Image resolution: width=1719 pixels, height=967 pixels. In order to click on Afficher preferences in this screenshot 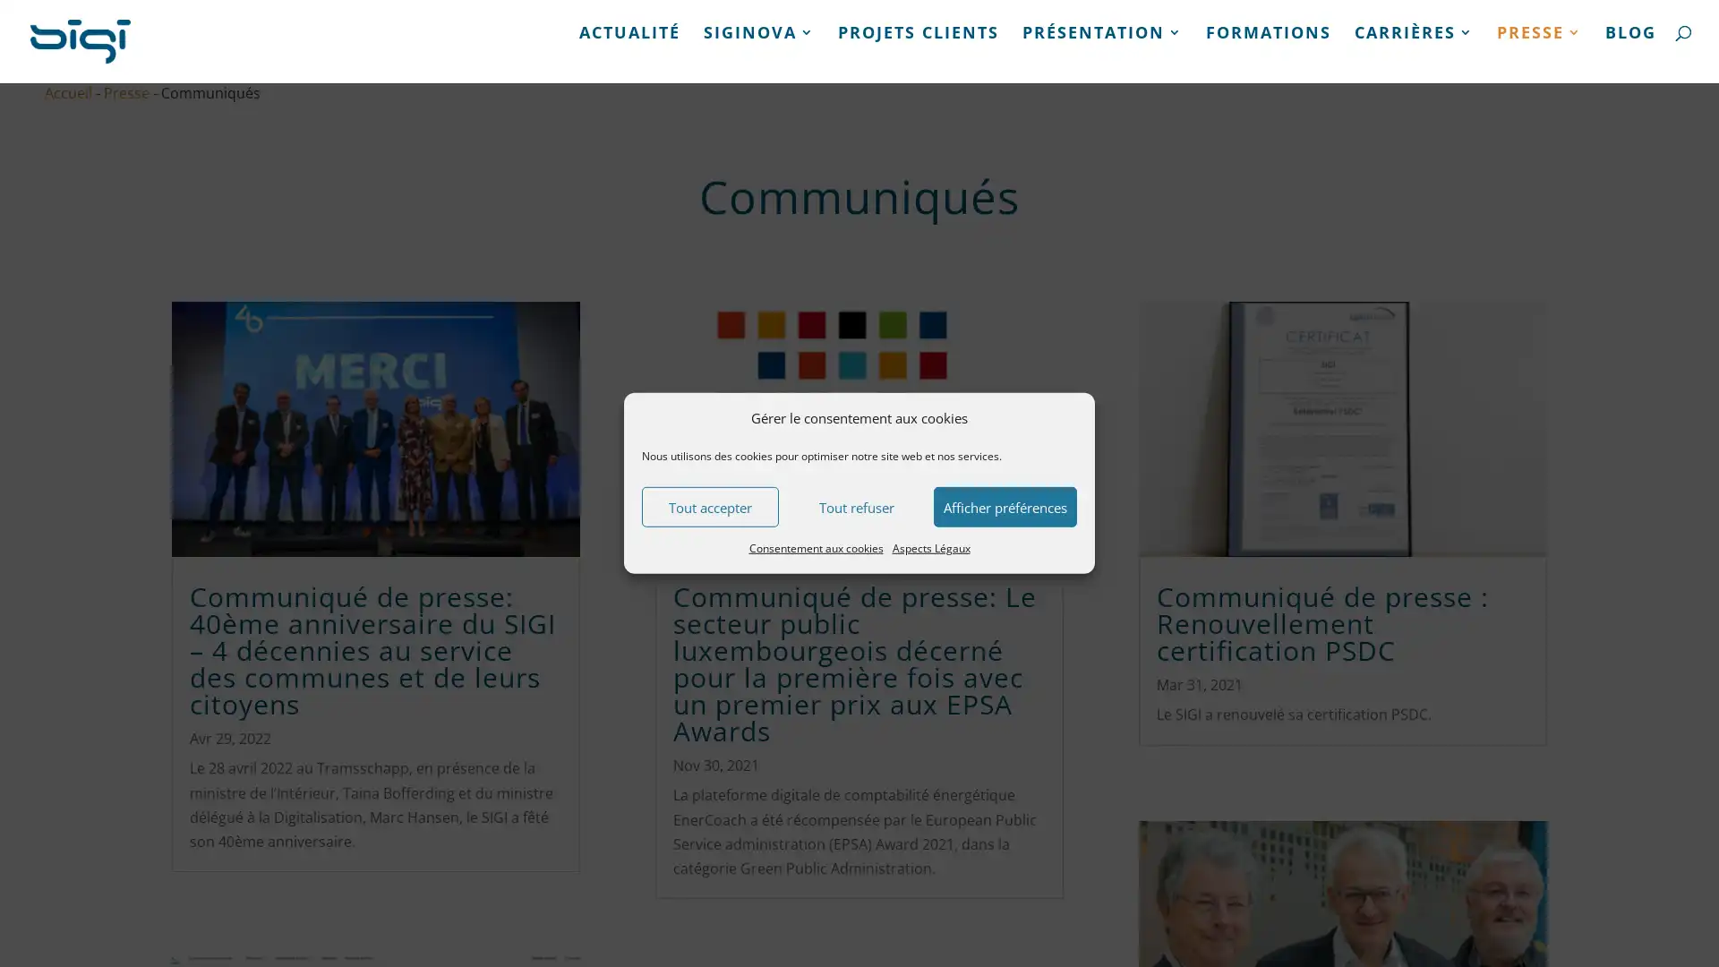, I will do `click(1005, 507)`.